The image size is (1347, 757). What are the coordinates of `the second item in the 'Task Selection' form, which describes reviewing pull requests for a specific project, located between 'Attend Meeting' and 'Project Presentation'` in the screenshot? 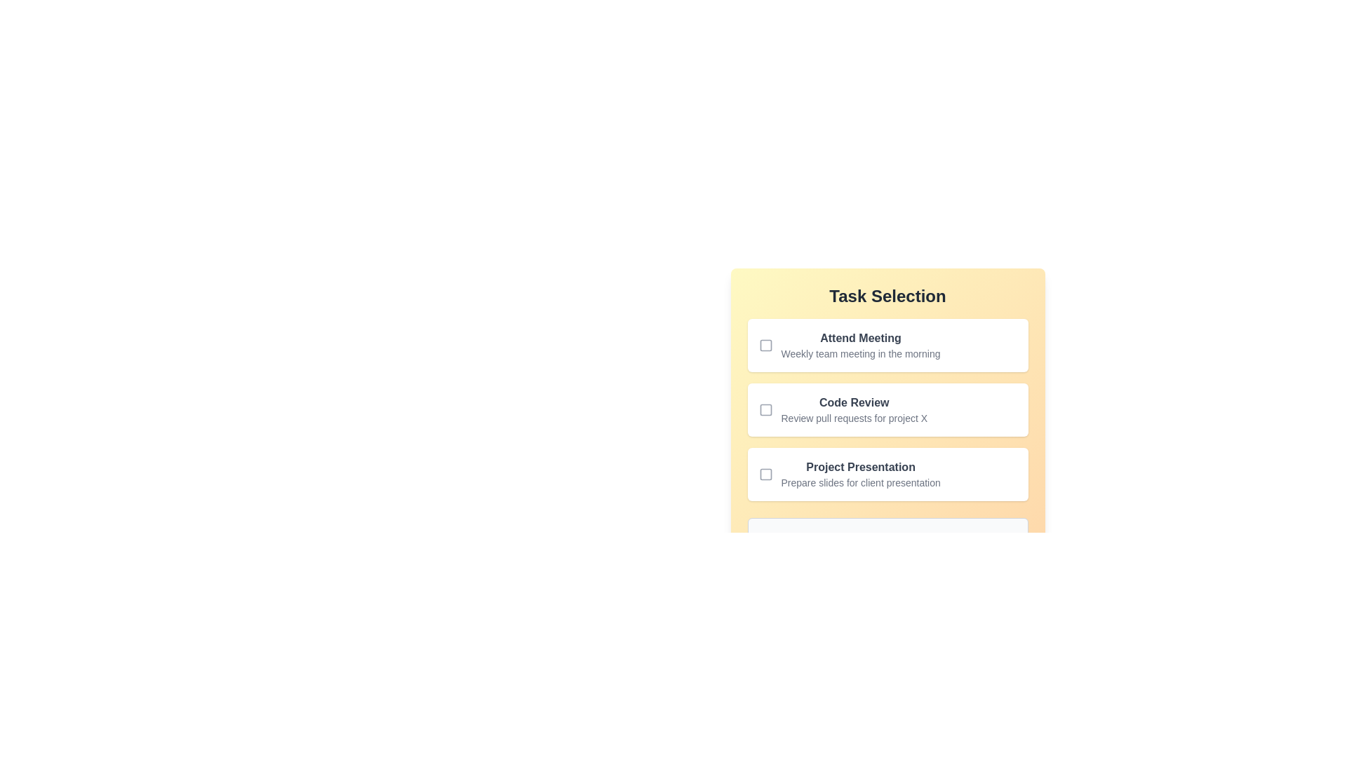 It's located at (853, 410).